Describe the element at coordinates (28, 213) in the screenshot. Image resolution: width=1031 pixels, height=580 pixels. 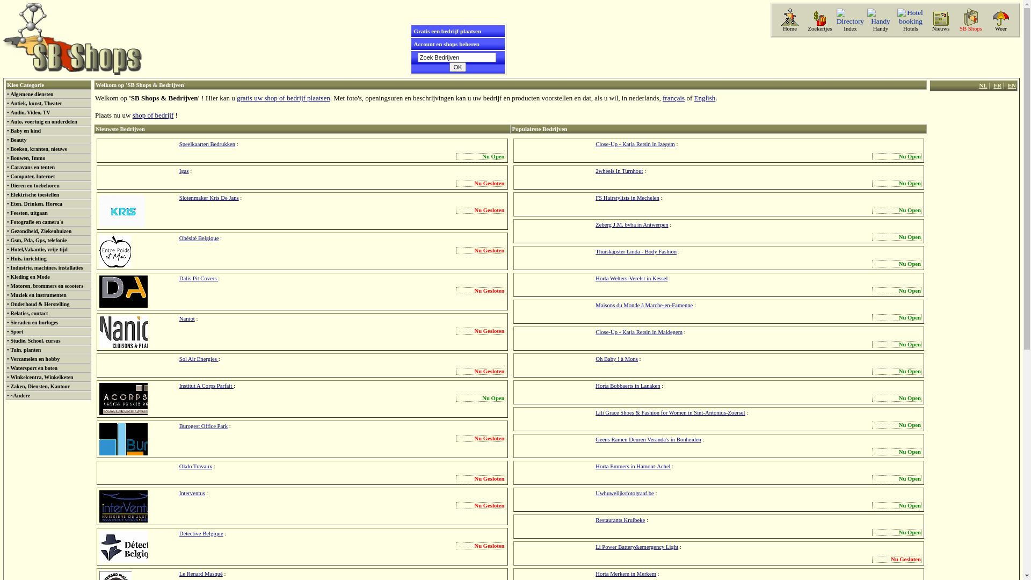
I see `'Feesten, uitgaan'` at that location.